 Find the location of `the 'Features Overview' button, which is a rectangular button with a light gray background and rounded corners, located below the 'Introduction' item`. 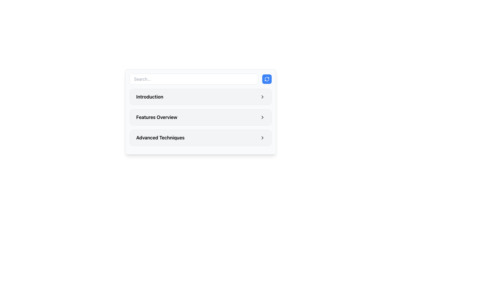

the 'Features Overview' button, which is a rectangular button with a light gray background and rounded corners, located below the 'Introduction' item is located at coordinates (200, 117).